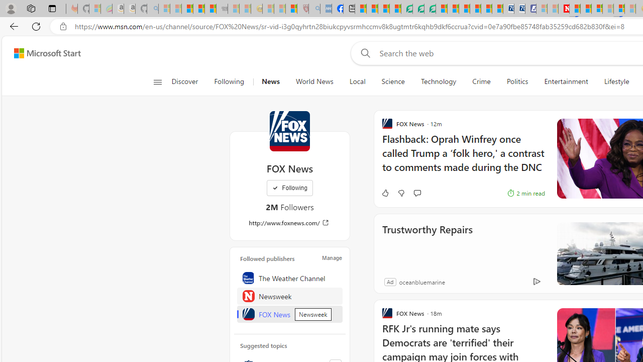  Describe the element at coordinates (289, 222) in the screenshot. I see `'http://www.foxnews.com/'` at that location.